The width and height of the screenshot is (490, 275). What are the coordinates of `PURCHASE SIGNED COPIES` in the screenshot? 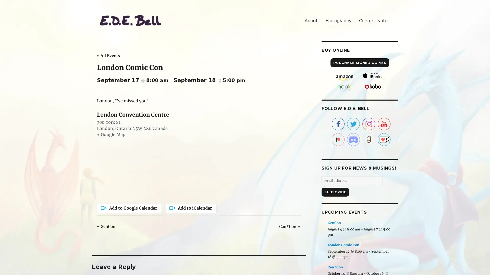 It's located at (359, 62).